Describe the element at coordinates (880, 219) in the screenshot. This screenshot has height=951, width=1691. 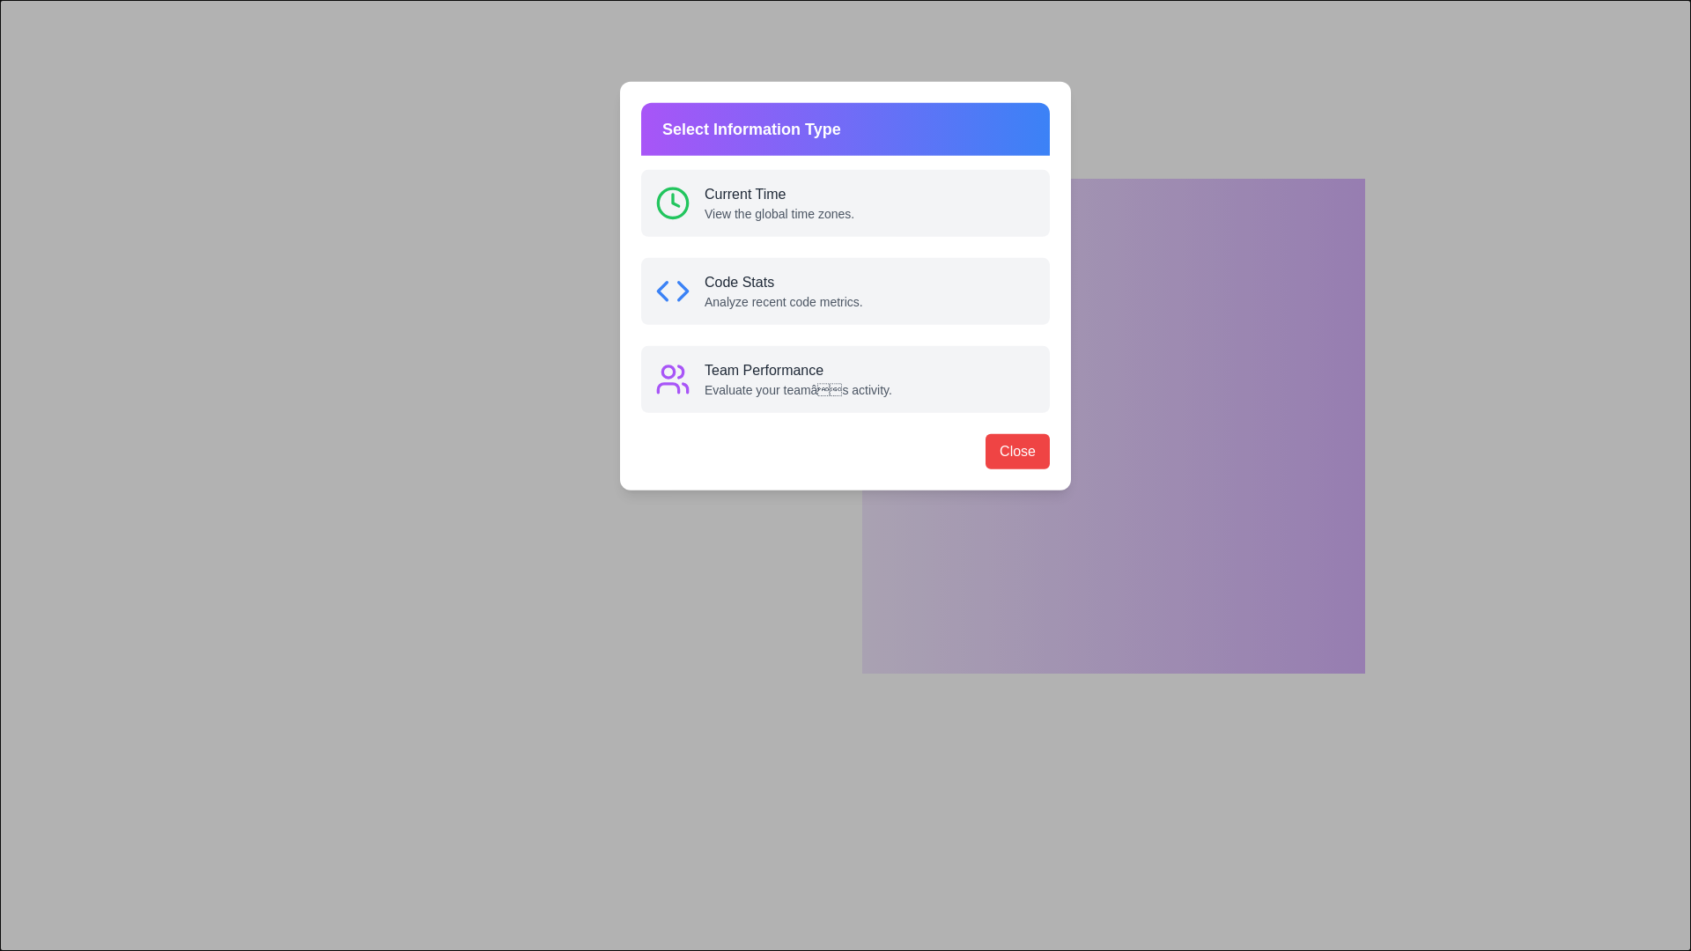
I see `the icon of Current Time information type` at that location.